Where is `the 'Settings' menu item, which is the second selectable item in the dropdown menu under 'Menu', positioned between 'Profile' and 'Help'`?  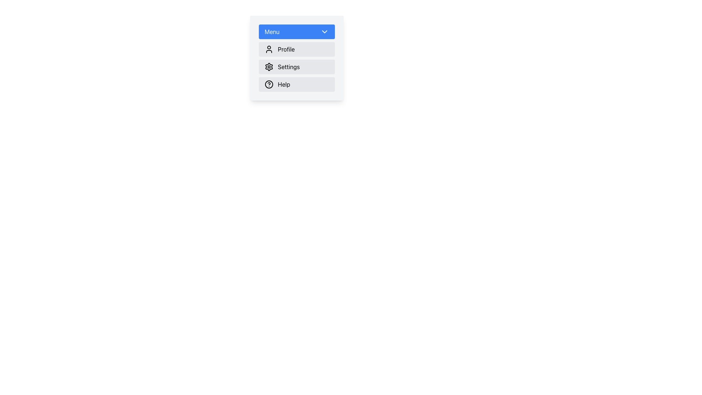
the 'Settings' menu item, which is the second selectable item in the dropdown menu under 'Menu', positioned between 'Profile' and 'Help' is located at coordinates (297, 57).